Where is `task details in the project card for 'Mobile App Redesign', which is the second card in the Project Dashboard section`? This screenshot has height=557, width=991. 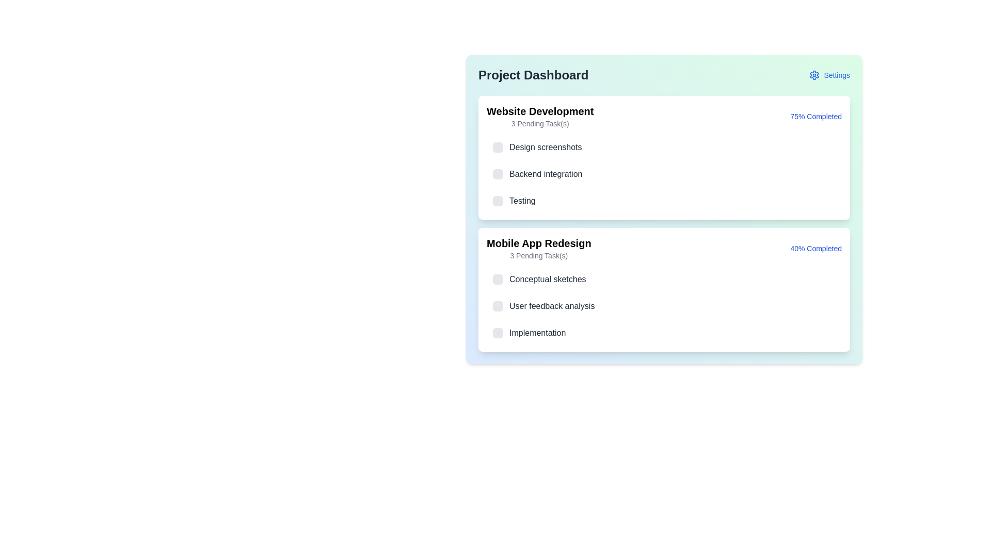
task details in the project card for 'Mobile App Redesign', which is the second card in the Project Dashboard section is located at coordinates (664, 290).